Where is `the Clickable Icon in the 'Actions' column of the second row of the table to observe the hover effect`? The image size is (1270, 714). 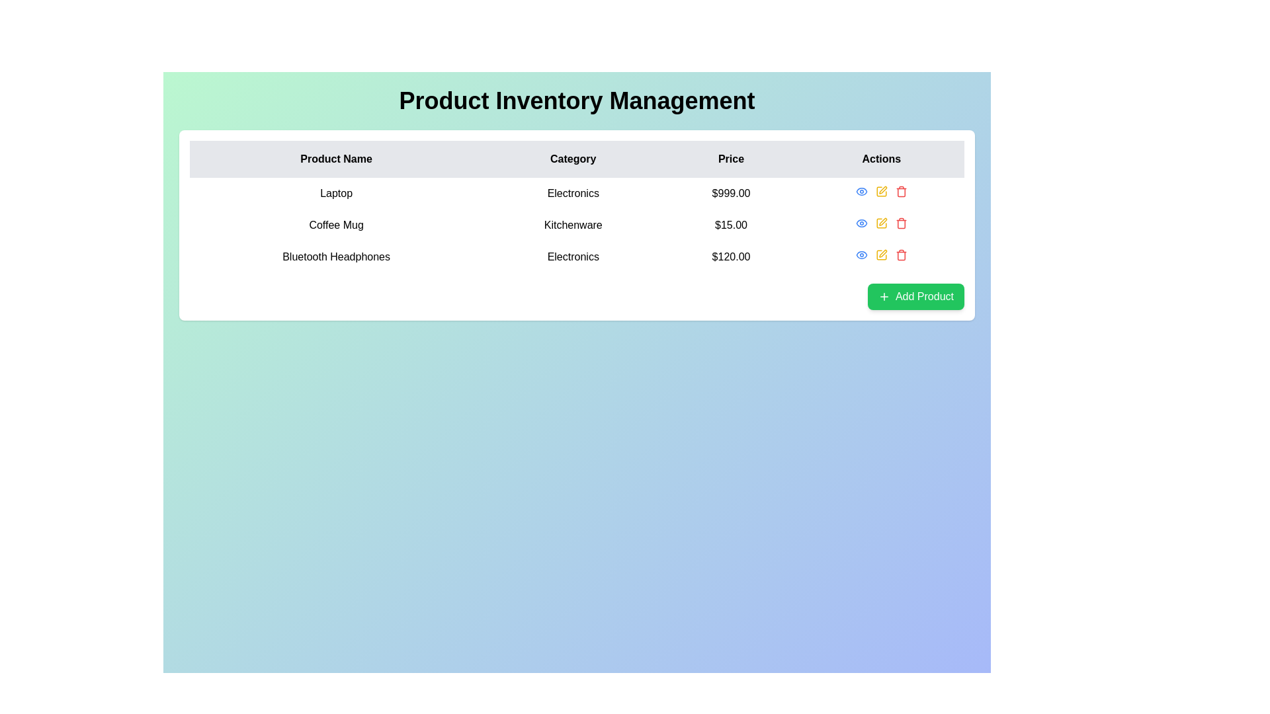 the Clickable Icon in the 'Actions' column of the second row of the table to observe the hover effect is located at coordinates (861, 223).